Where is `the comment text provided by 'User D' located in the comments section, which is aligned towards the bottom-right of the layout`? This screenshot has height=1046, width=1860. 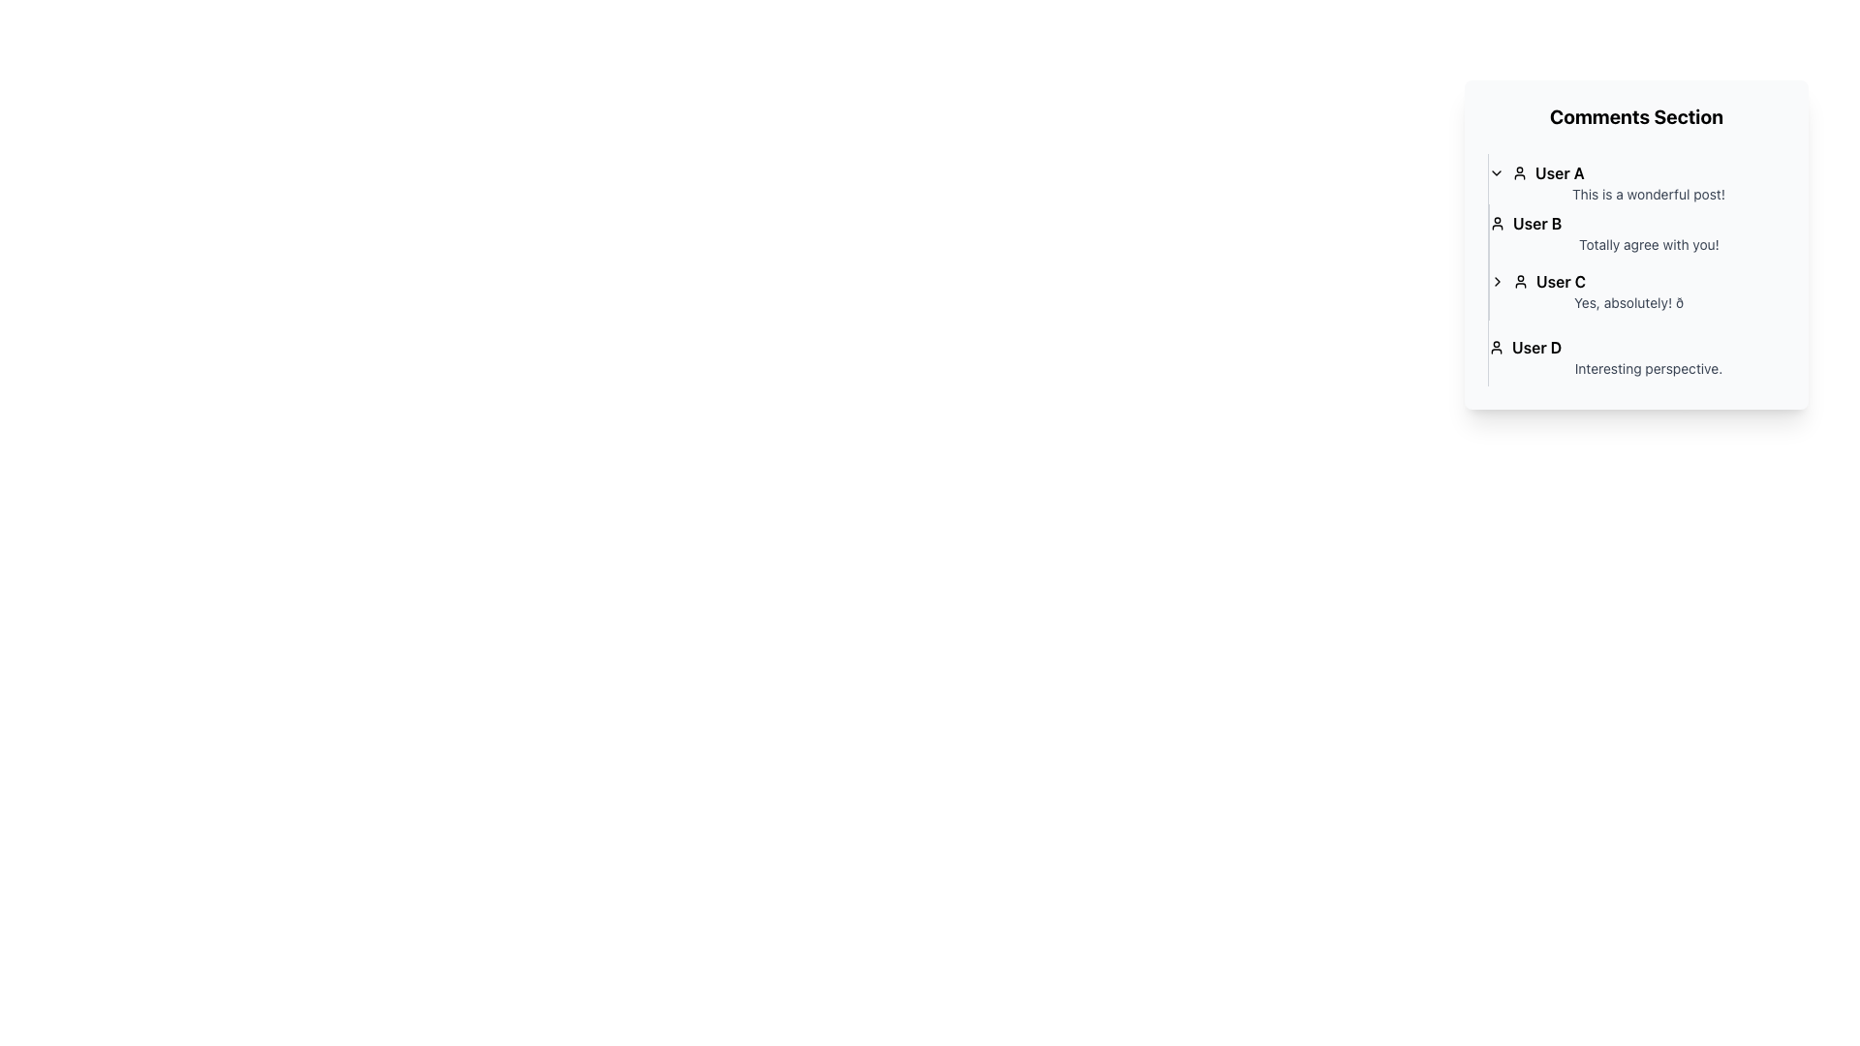
the comment text provided by 'User D' located in the comments section, which is aligned towards the bottom-right of the layout is located at coordinates (1635, 369).